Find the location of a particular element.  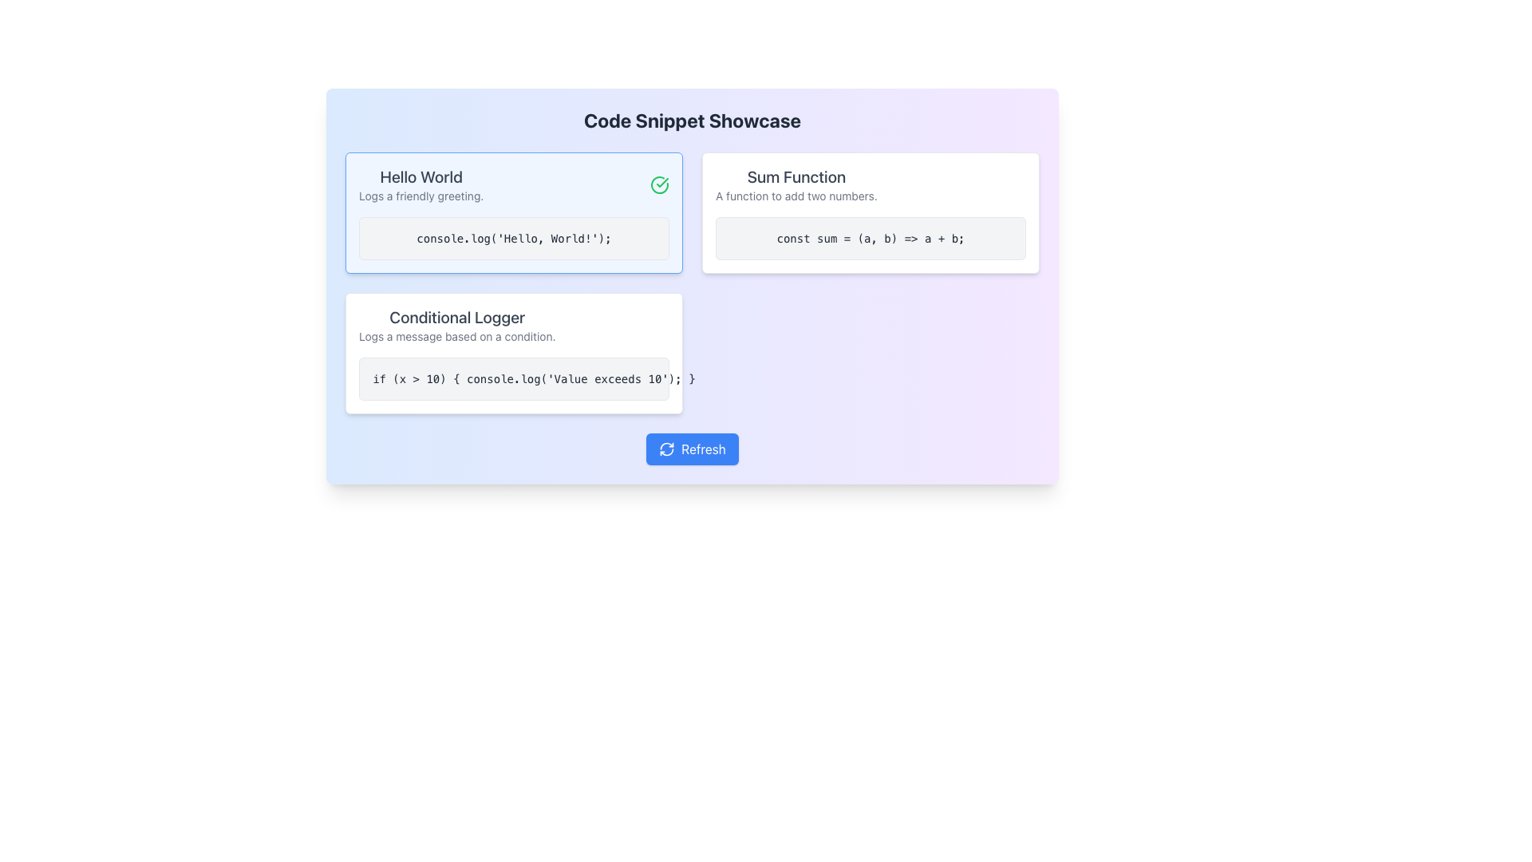

code representation displayed in the Informational Card titled 'Sum Function', which contains the code snippet 'const sum = (a, b) => a + b;' is located at coordinates (870, 212).